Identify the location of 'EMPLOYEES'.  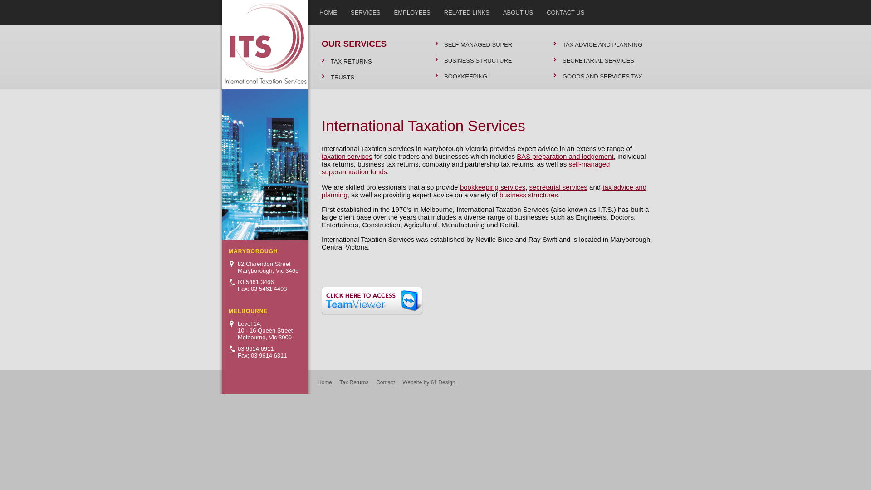
(387, 11).